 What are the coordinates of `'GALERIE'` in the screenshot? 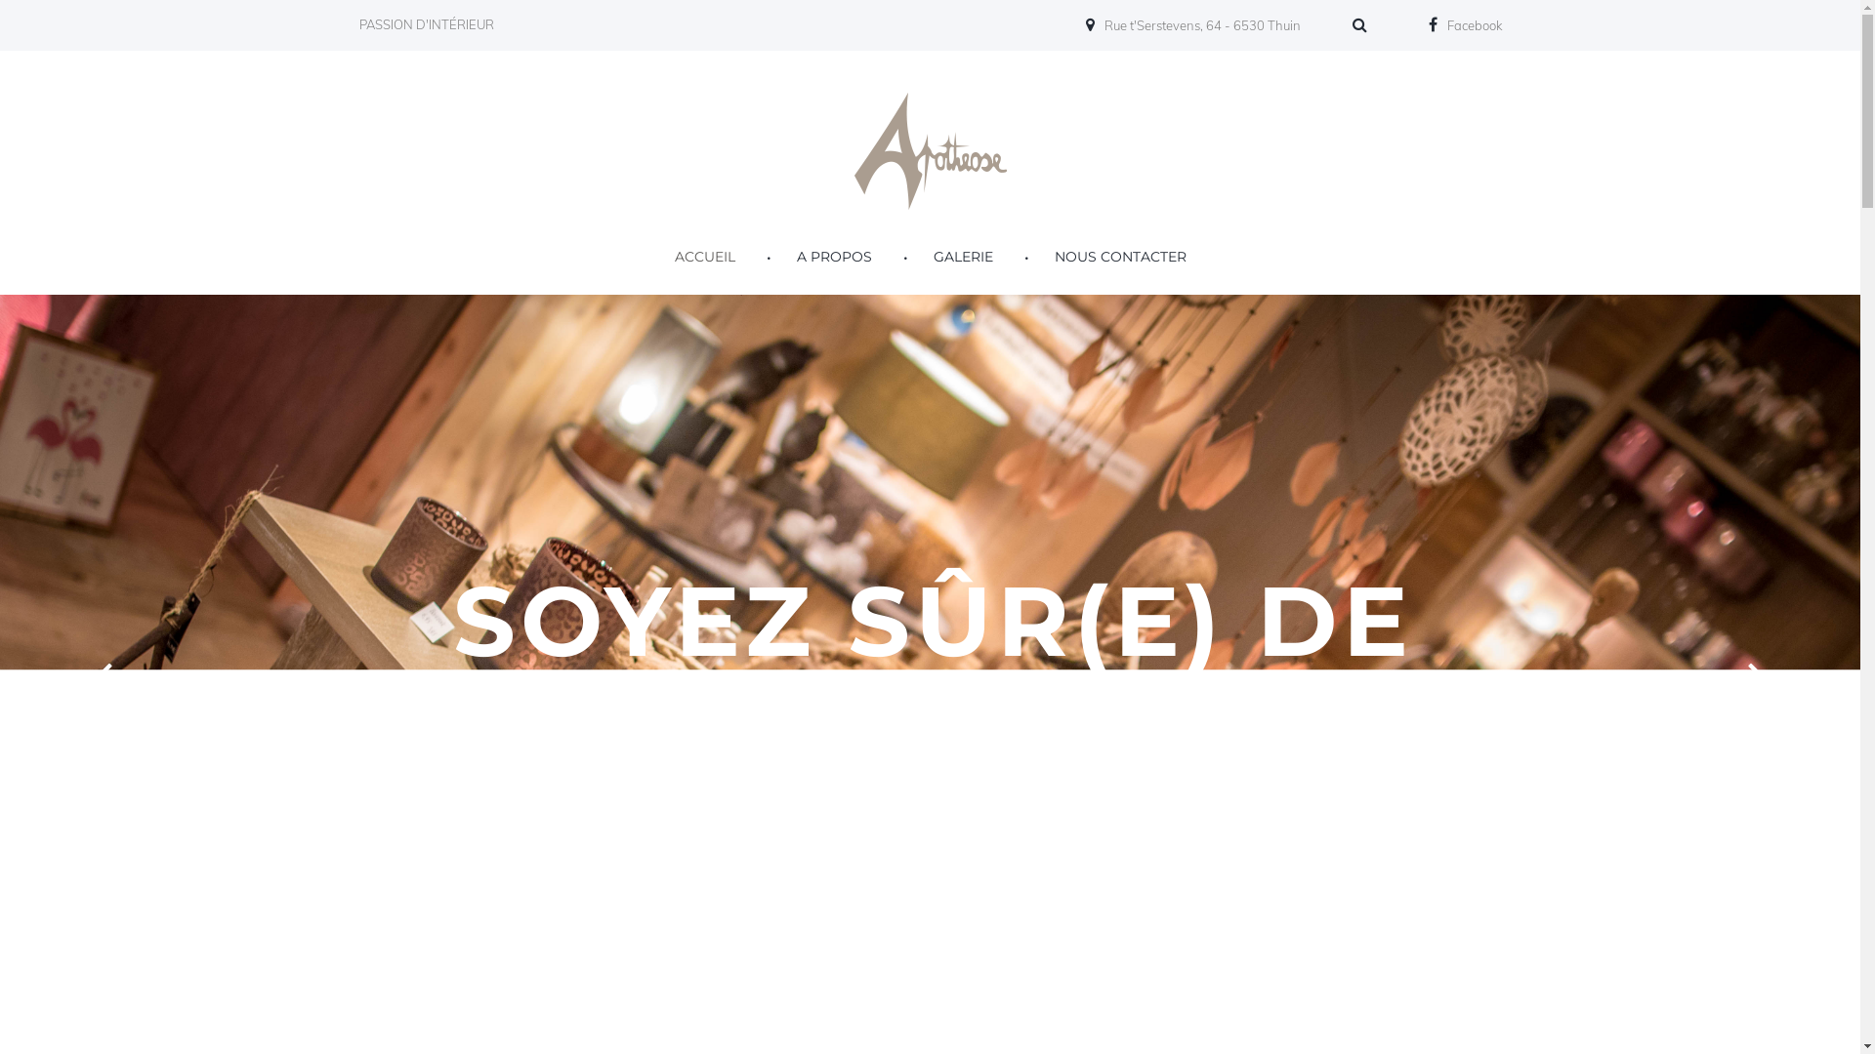 It's located at (963, 255).